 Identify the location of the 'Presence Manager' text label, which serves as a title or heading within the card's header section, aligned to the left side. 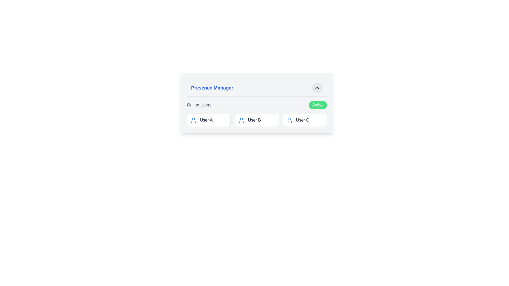
(212, 87).